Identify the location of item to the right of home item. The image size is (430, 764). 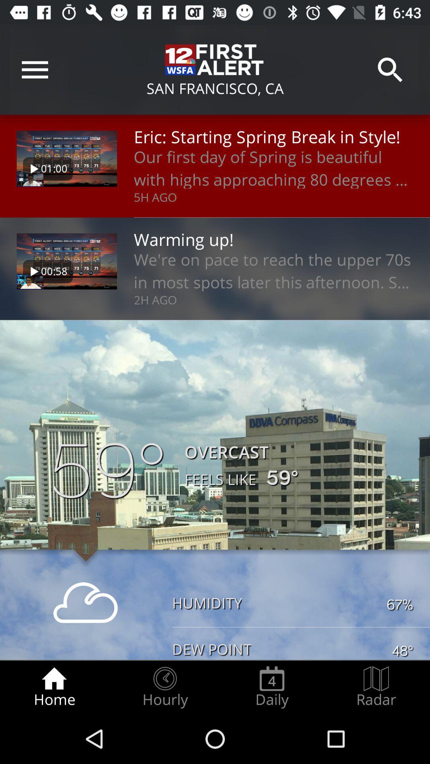
(164, 687).